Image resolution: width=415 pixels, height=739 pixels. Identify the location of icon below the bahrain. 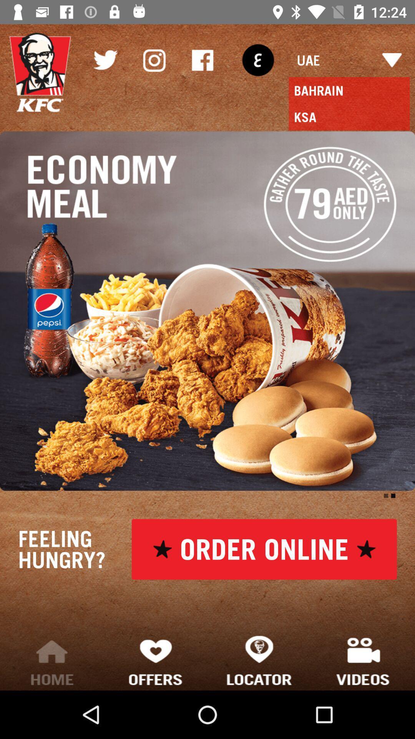
(349, 117).